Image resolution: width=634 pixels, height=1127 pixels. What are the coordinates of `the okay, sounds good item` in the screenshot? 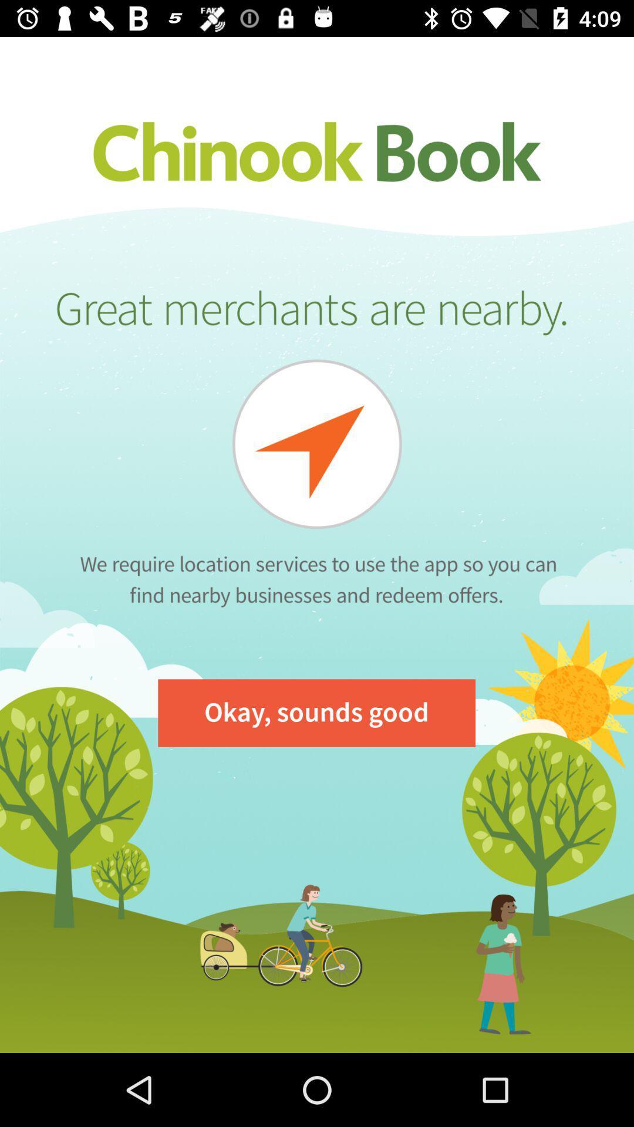 It's located at (316, 712).